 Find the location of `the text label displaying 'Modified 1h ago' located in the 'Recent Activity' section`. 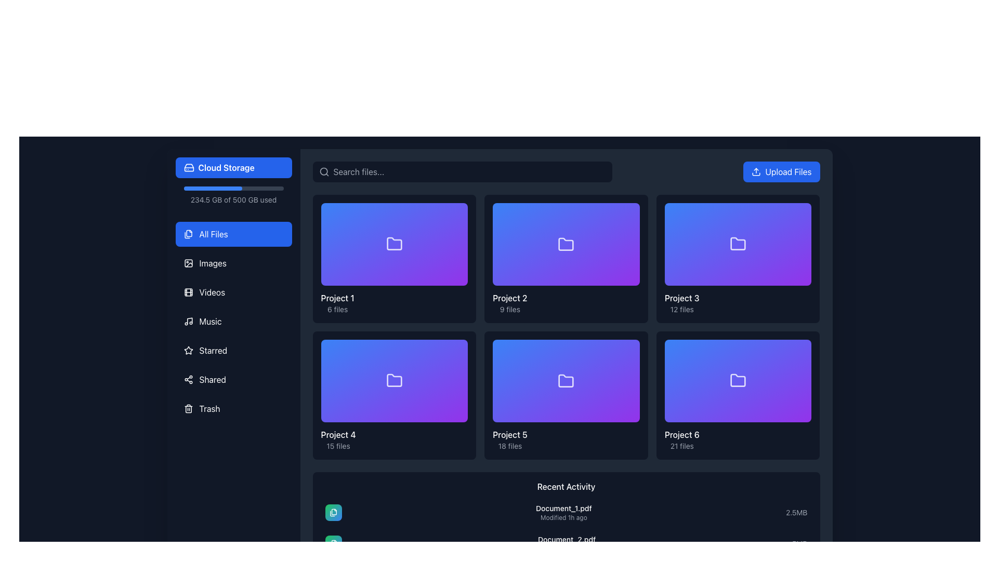

the text label displaying 'Modified 1h ago' located in the 'Recent Activity' section is located at coordinates (563, 517).